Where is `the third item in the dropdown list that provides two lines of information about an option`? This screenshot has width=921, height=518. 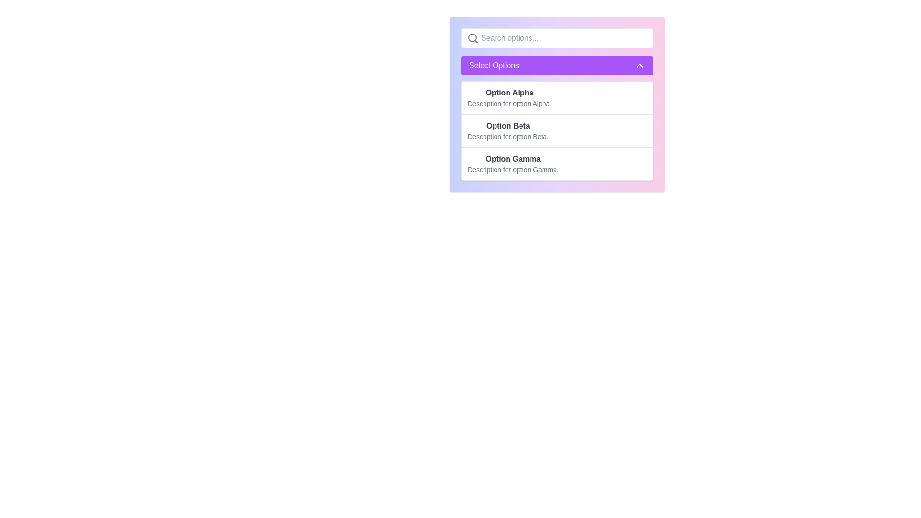
the third item in the dropdown list that provides two lines of information about an option is located at coordinates (513, 164).